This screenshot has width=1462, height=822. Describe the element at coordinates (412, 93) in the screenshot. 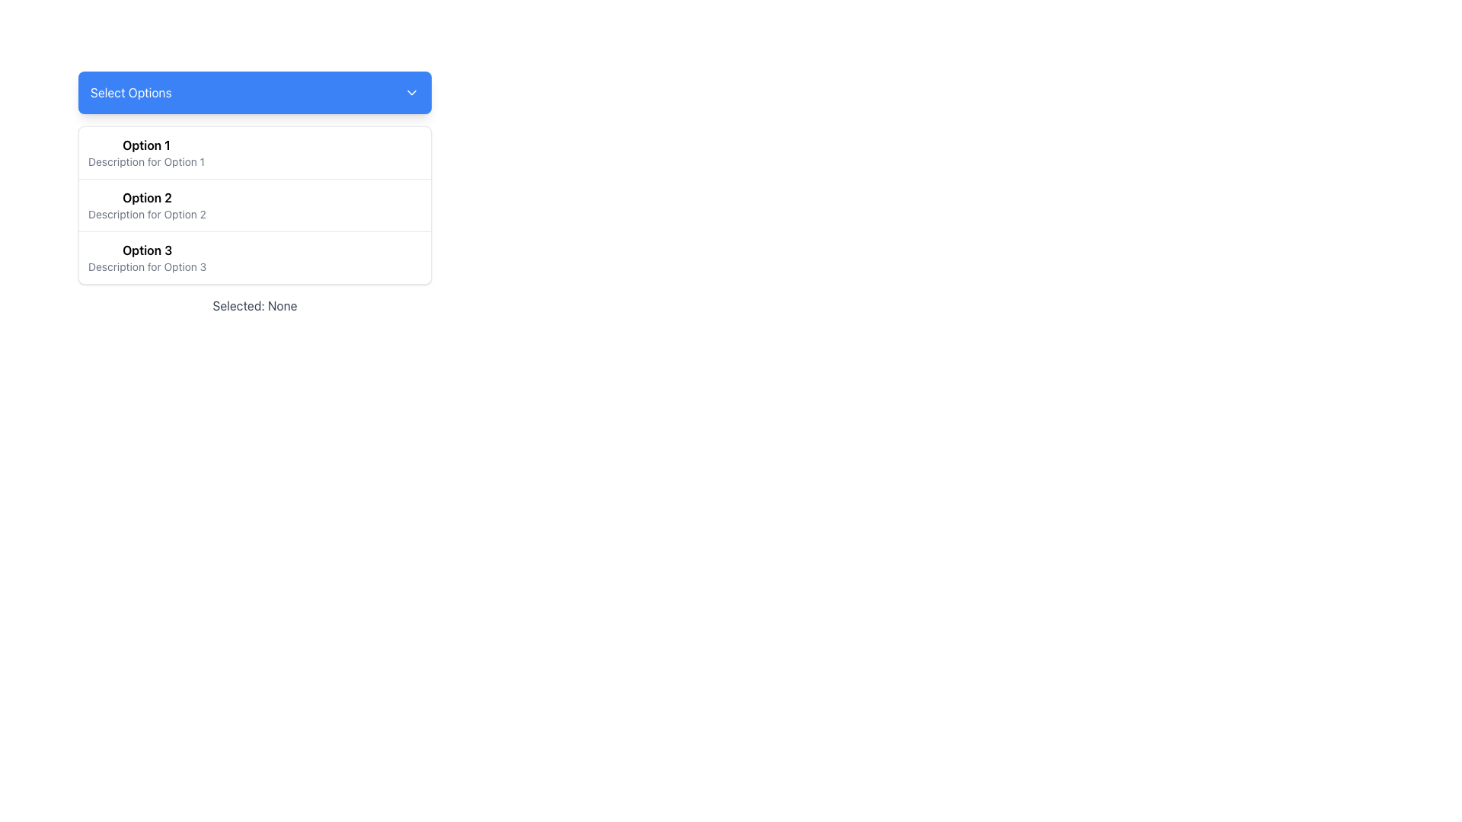

I see `the downward-pointing chevron icon styled in blue, located at the far right of the blue rounded rectangle labeled 'Select Options' to trigger additional styling effects` at that location.